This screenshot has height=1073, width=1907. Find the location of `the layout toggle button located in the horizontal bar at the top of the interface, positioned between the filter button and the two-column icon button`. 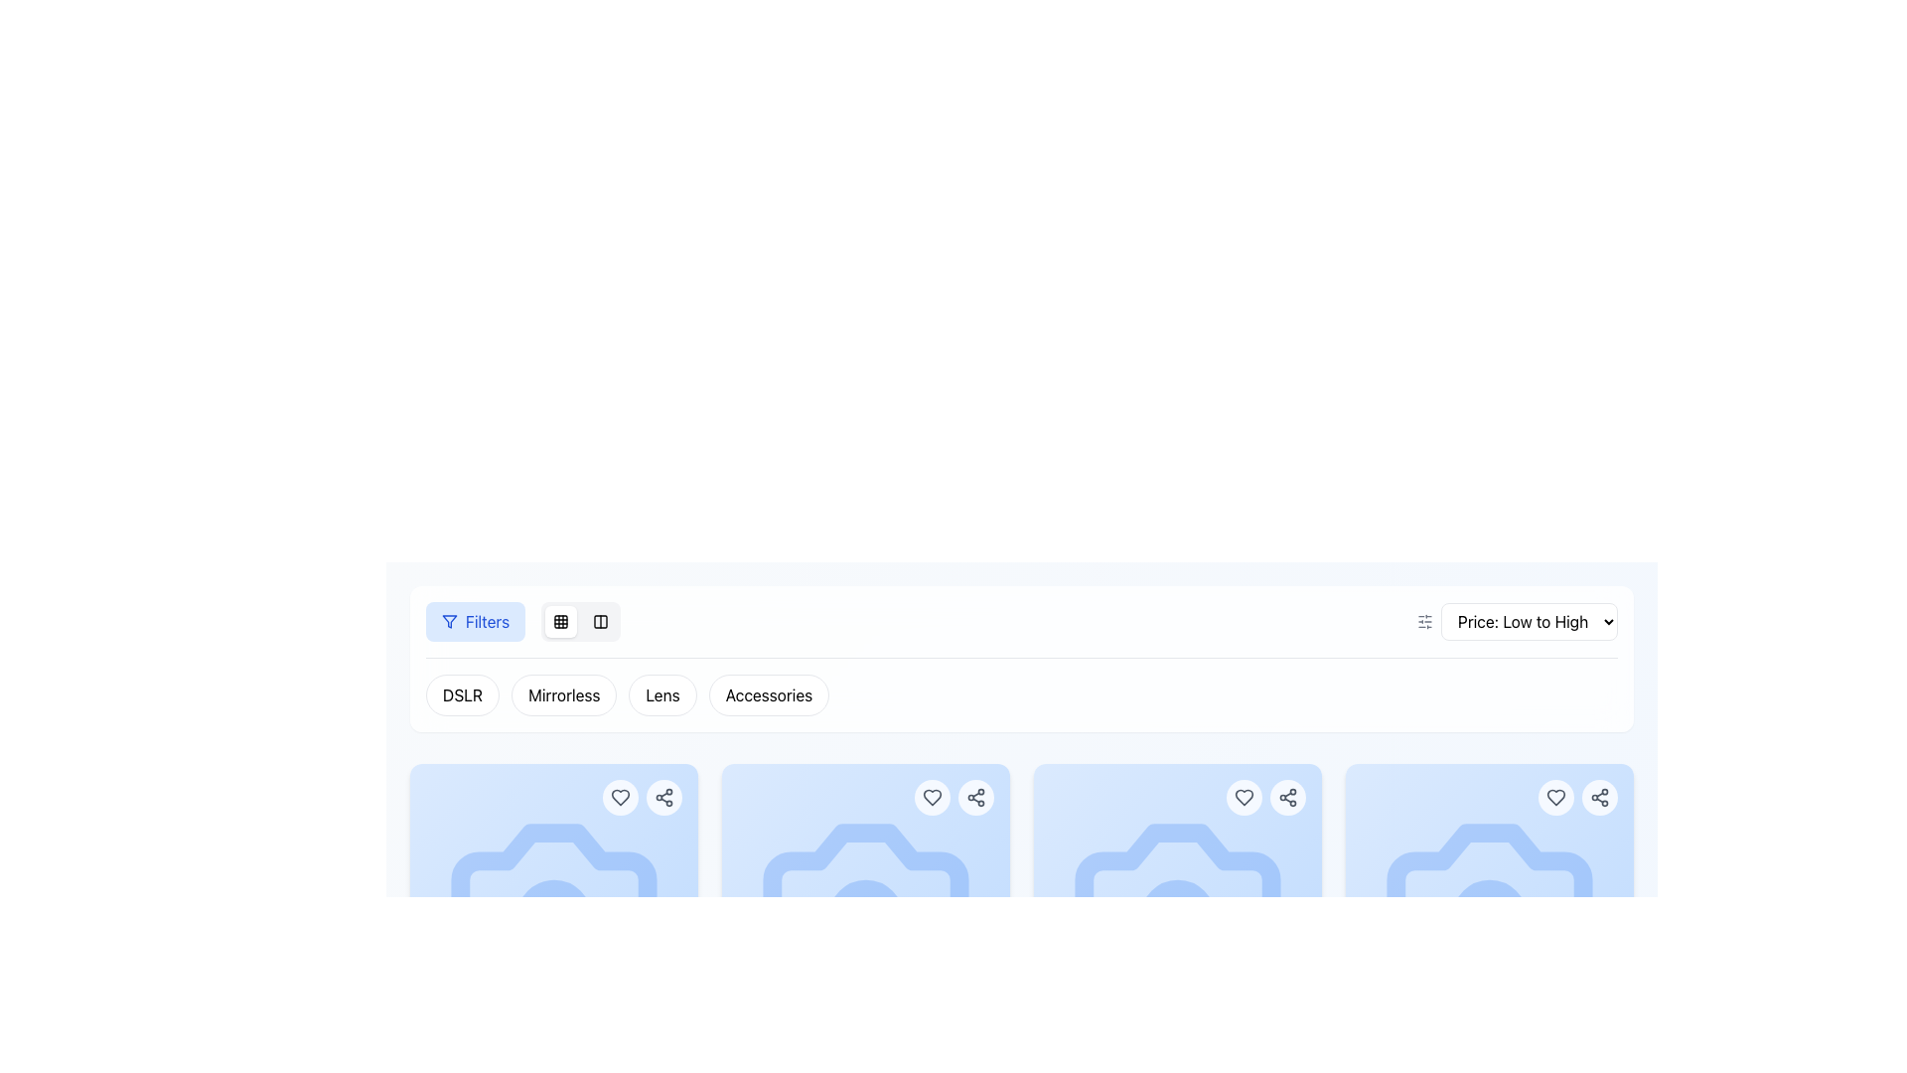

the layout toggle button located in the horizontal bar at the top of the interface, positioned between the filter button and the two-column icon button is located at coordinates (560, 620).